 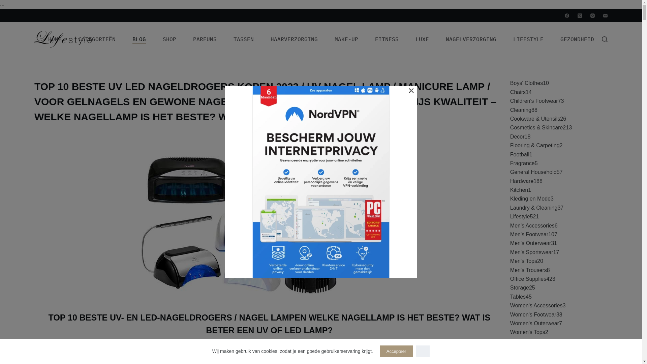 What do you see at coordinates (510, 172) in the screenshot?
I see `'General Household'` at bounding box center [510, 172].